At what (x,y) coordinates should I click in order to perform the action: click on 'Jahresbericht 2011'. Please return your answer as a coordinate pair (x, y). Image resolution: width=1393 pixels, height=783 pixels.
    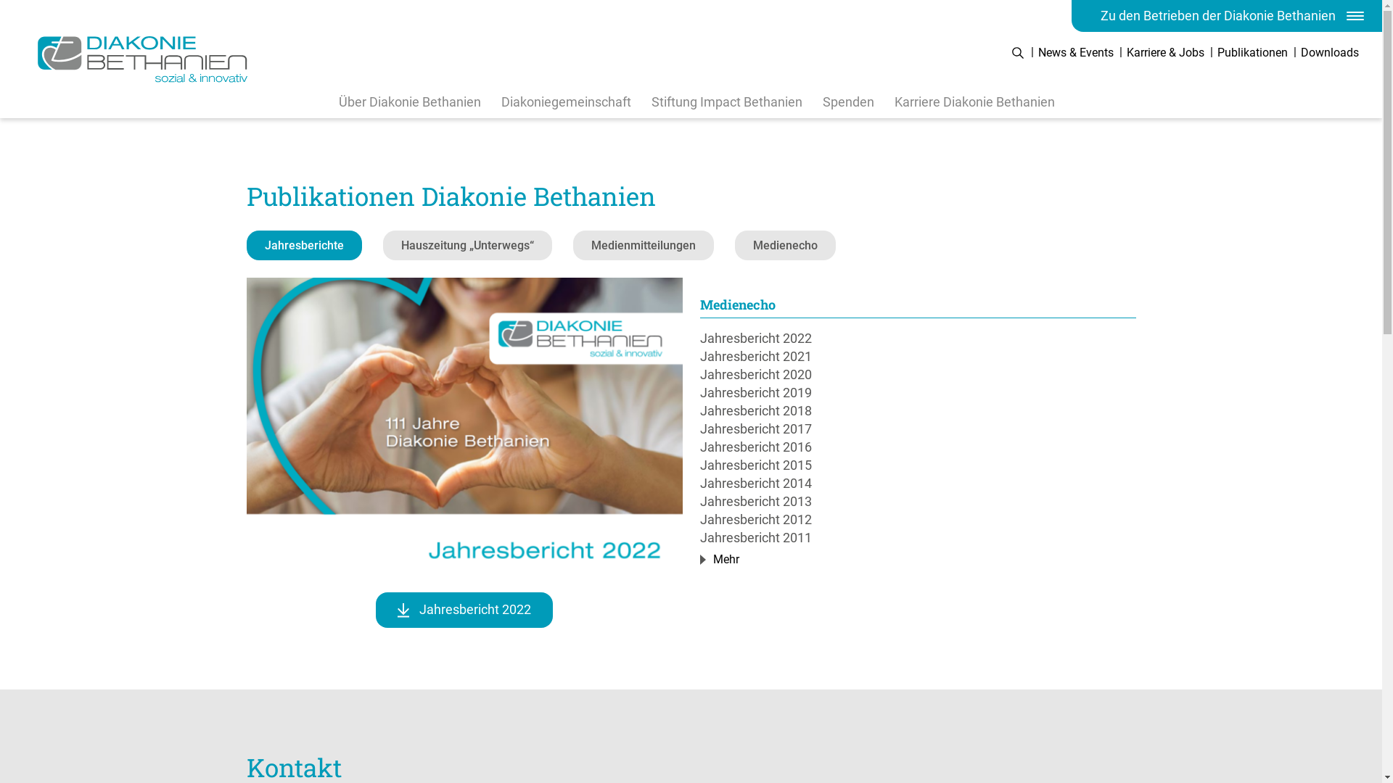
    Looking at the image, I should click on (916, 537).